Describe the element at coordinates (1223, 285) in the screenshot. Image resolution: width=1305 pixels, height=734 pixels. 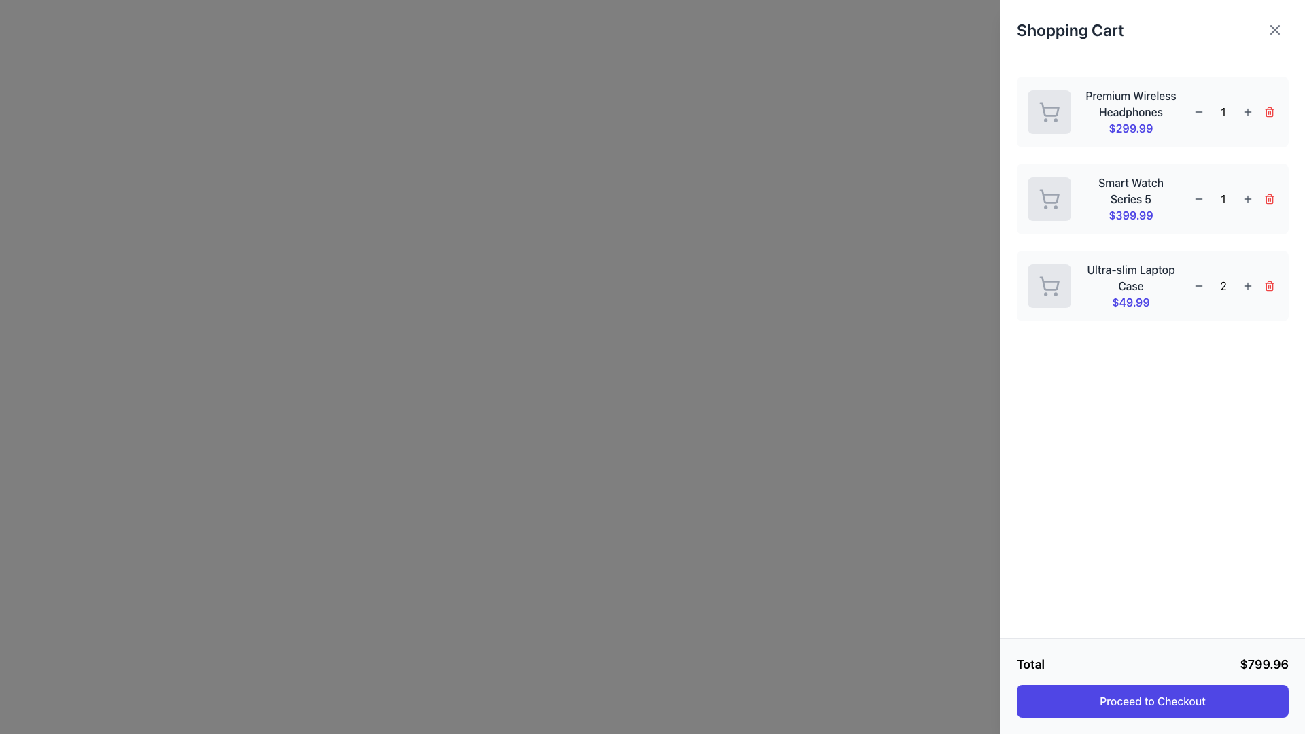
I see `the displayed quantity of the 'Ultra-slim Laptop Case' in the shopping cart, which is represented by a text label positioned between the minus and plus buttons` at that location.